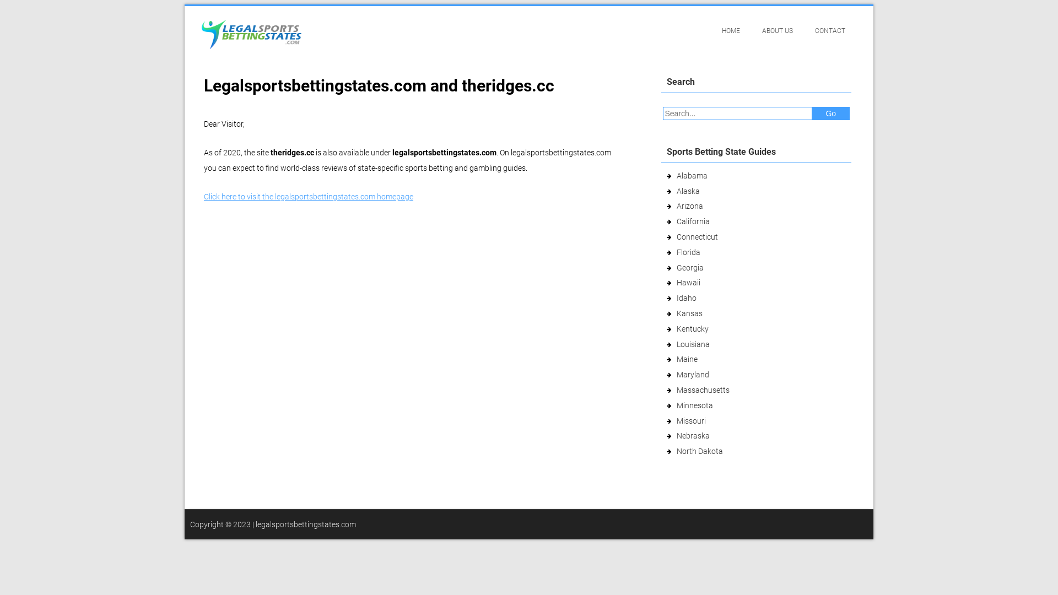 This screenshot has width=1058, height=595. I want to click on 'CONTACT', so click(830, 31).